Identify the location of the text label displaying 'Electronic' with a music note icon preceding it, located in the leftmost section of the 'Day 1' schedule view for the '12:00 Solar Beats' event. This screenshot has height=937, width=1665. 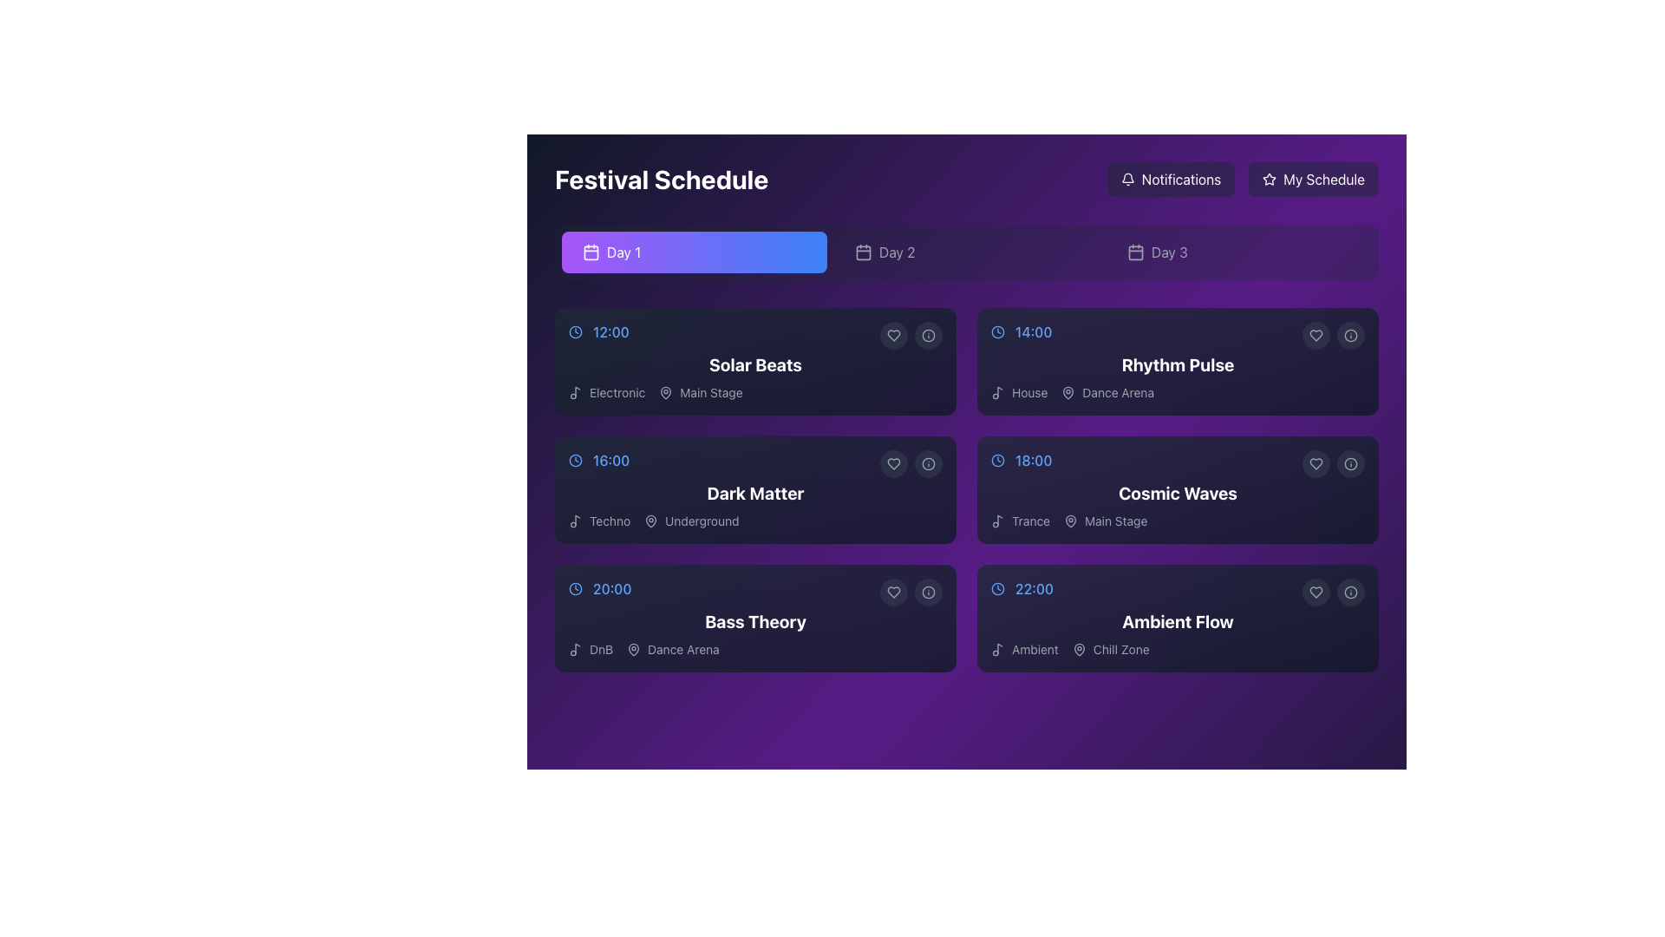
(607, 392).